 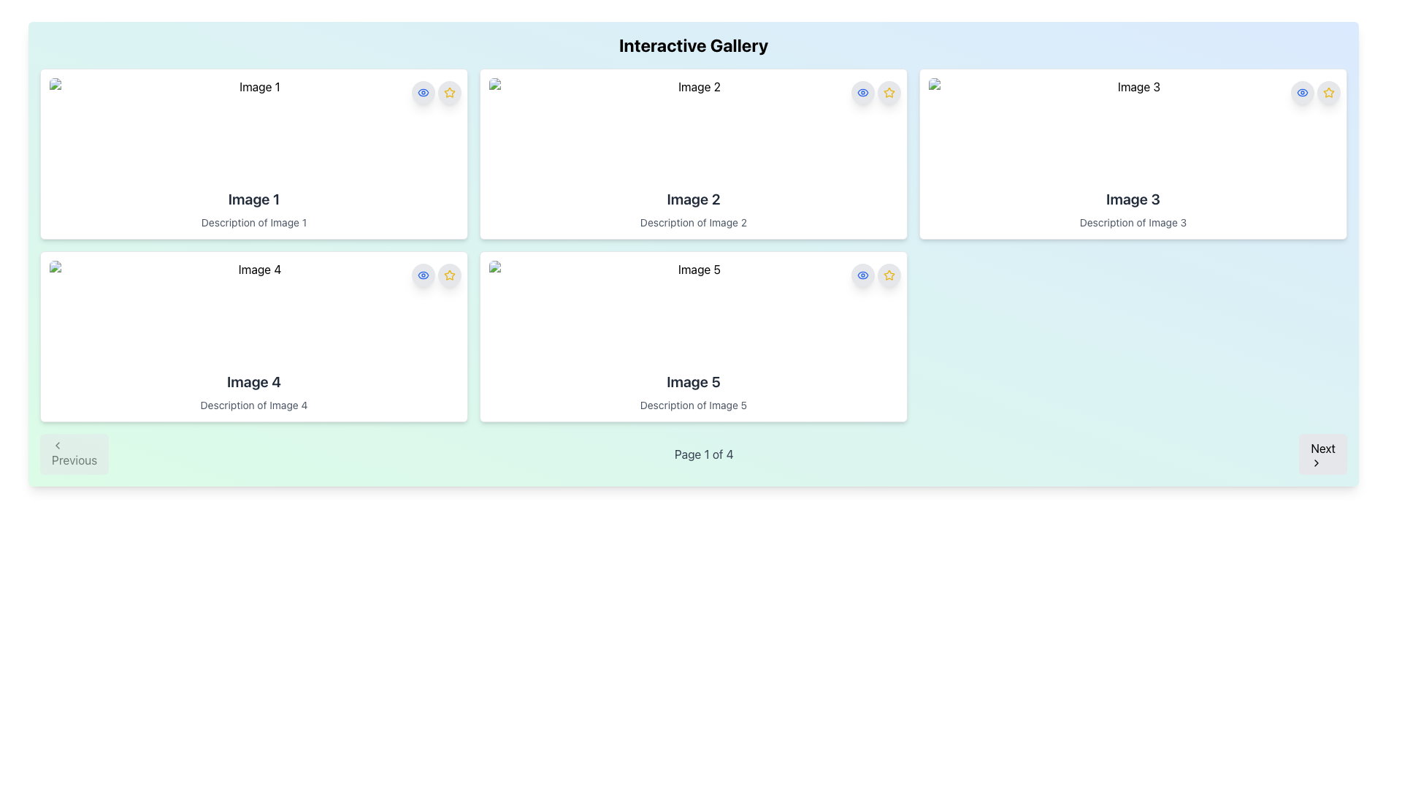 I want to click on the first interactive button at the top-right corner of the card labeled 'Image 5', which is adjacent to a star-shaped button, so click(x=862, y=275).